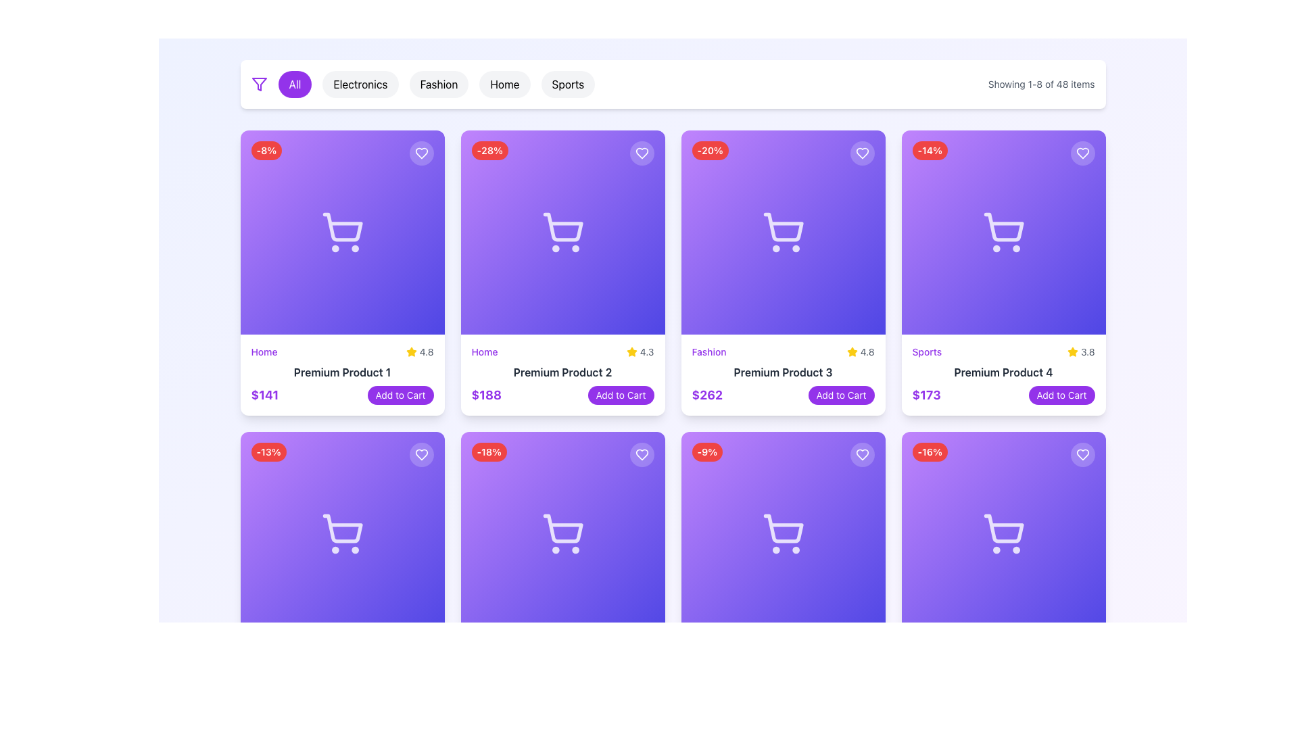 The height and width of the screenshot is (730, 1298). Describe the element at coordinates (342, 231) in the screenshot. I see `the shopping cart icon located in the first column of the grid in the top row` at that location.